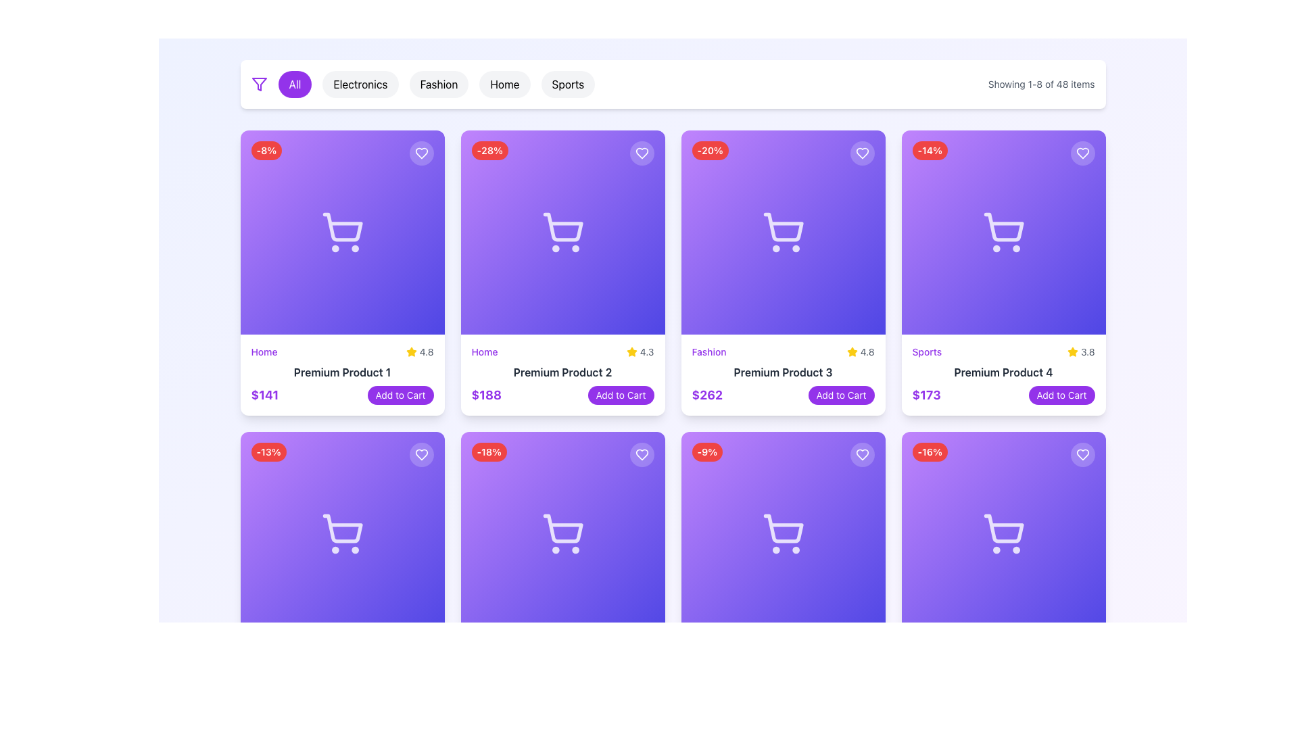 The height and width of the screenshot is (730, 1298). Describe the element at coordinates (342, 231) in the screenshot. I see `the shopping cart icon located in the first column of the grid in the top row` at that location.